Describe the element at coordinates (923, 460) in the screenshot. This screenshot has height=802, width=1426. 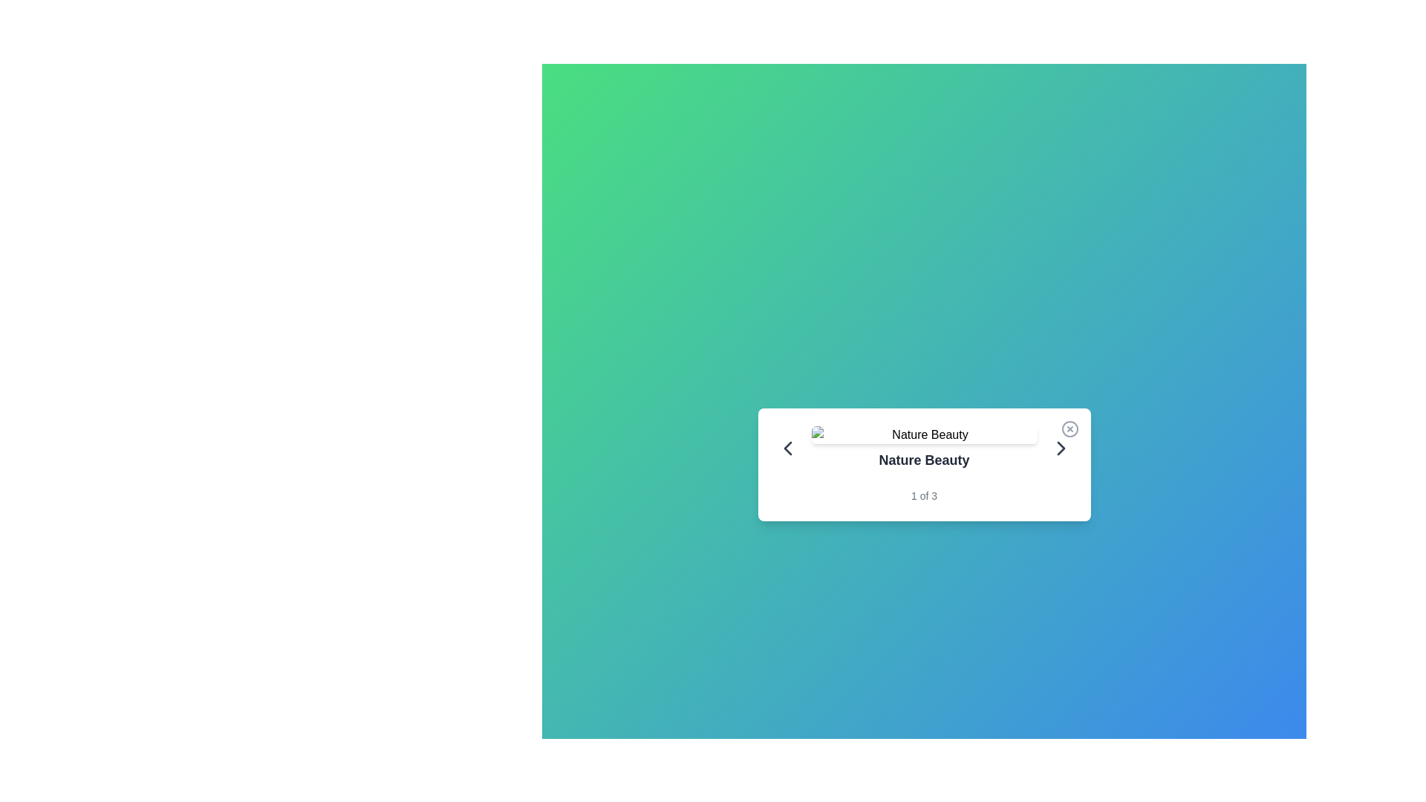
I see `text label displaying 'Nature Beauty', which is centrally positioned below an image in a dark gray, bold font` at that location.